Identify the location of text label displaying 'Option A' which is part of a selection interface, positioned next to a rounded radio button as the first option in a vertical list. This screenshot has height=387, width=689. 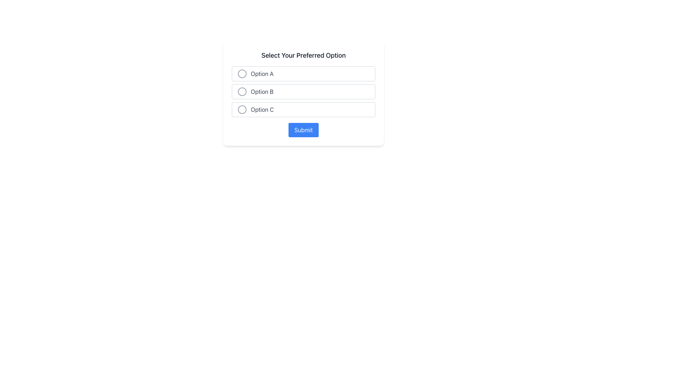
(262, 73).